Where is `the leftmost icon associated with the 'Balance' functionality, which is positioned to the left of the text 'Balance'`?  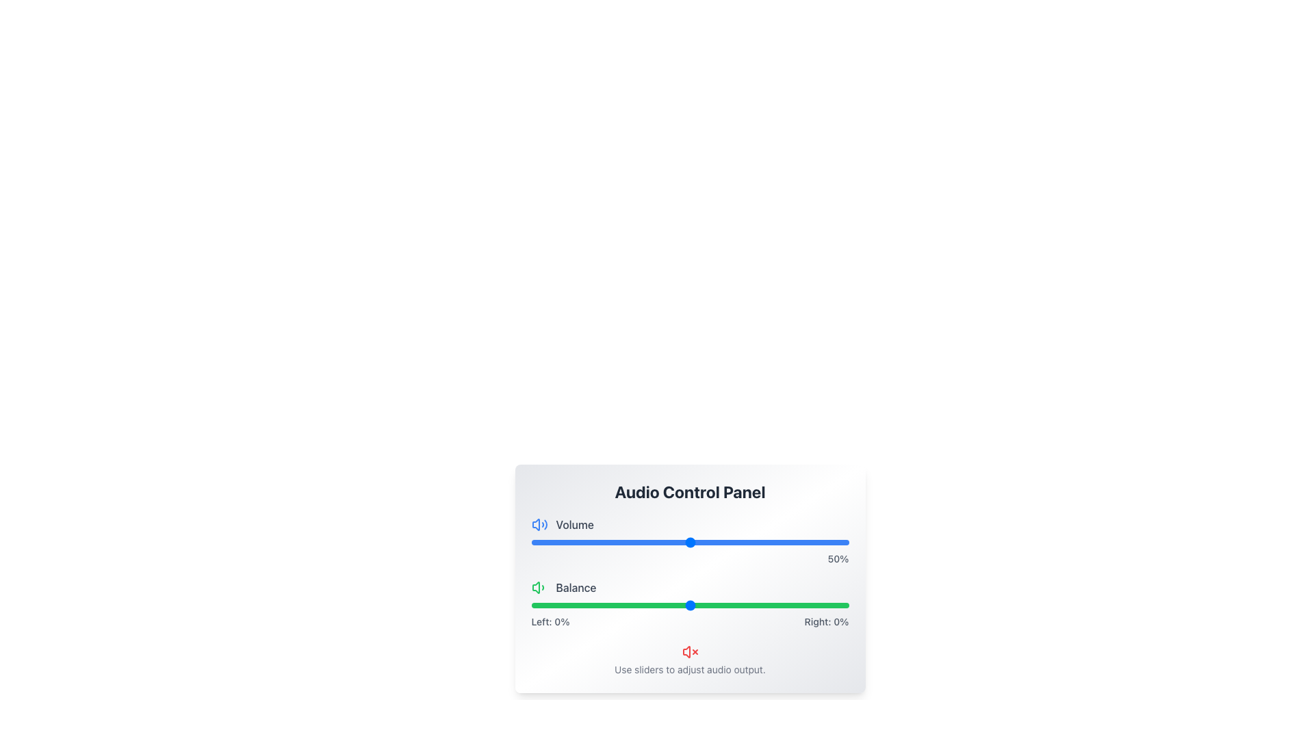 the leftmost icon associated with the 'Balance' functionality, which is positioned to the left of the text 'Balance' is located at coordinates (539, 587).